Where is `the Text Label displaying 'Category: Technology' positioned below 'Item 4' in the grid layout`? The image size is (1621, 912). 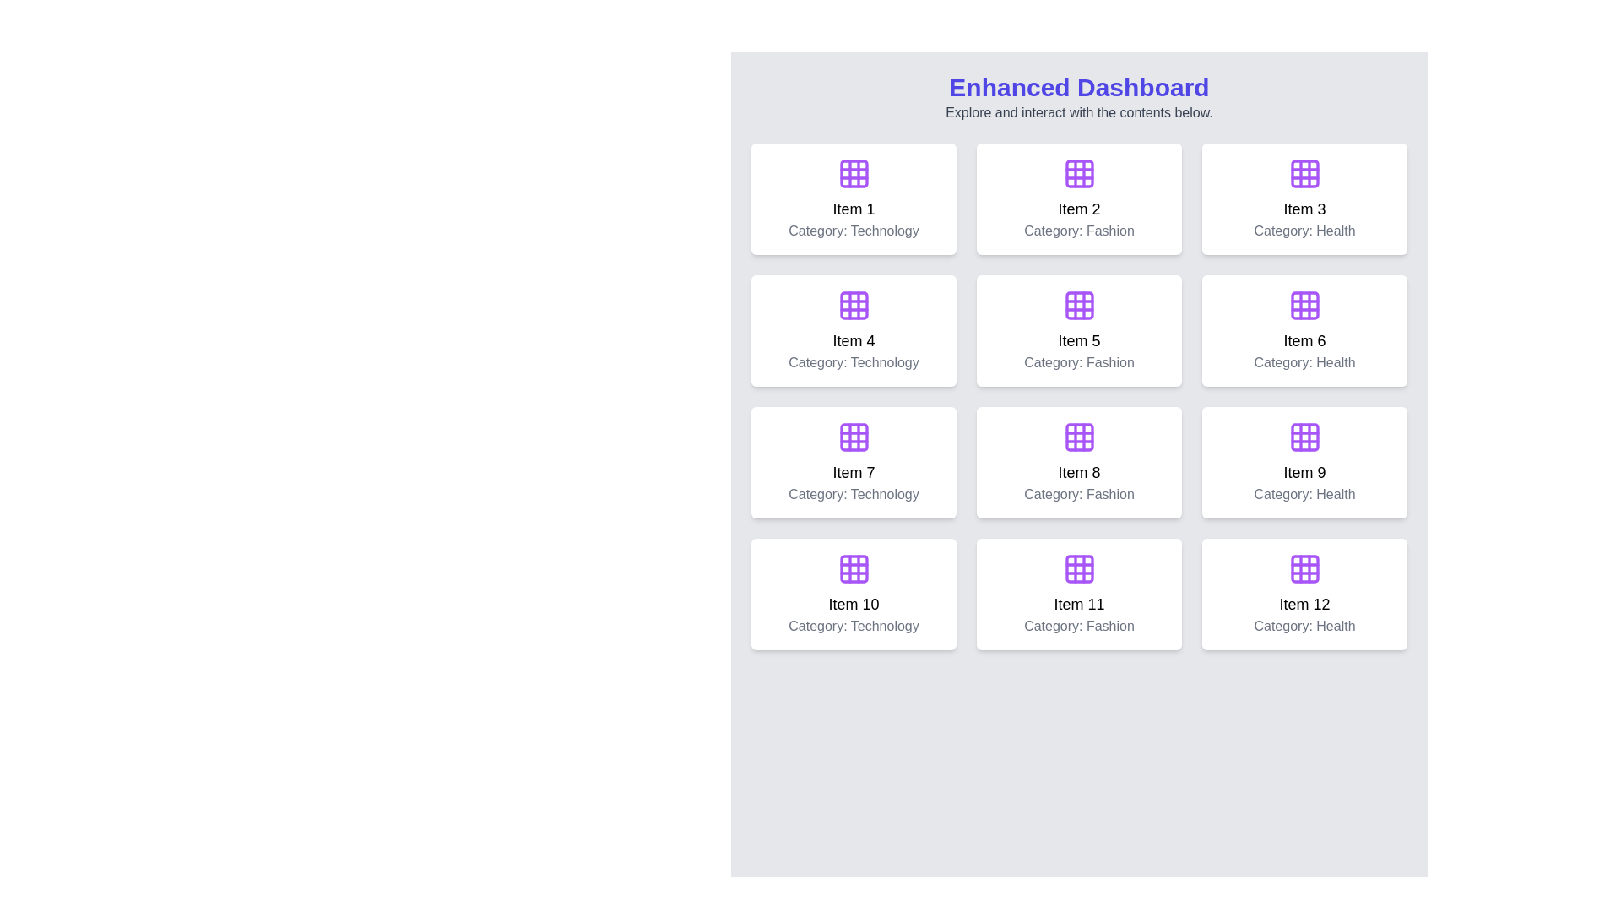
the Text Label displaying 'Category: Technology' positioned below 'Item 4' in the grid layout is located at coordinates (854, 361).